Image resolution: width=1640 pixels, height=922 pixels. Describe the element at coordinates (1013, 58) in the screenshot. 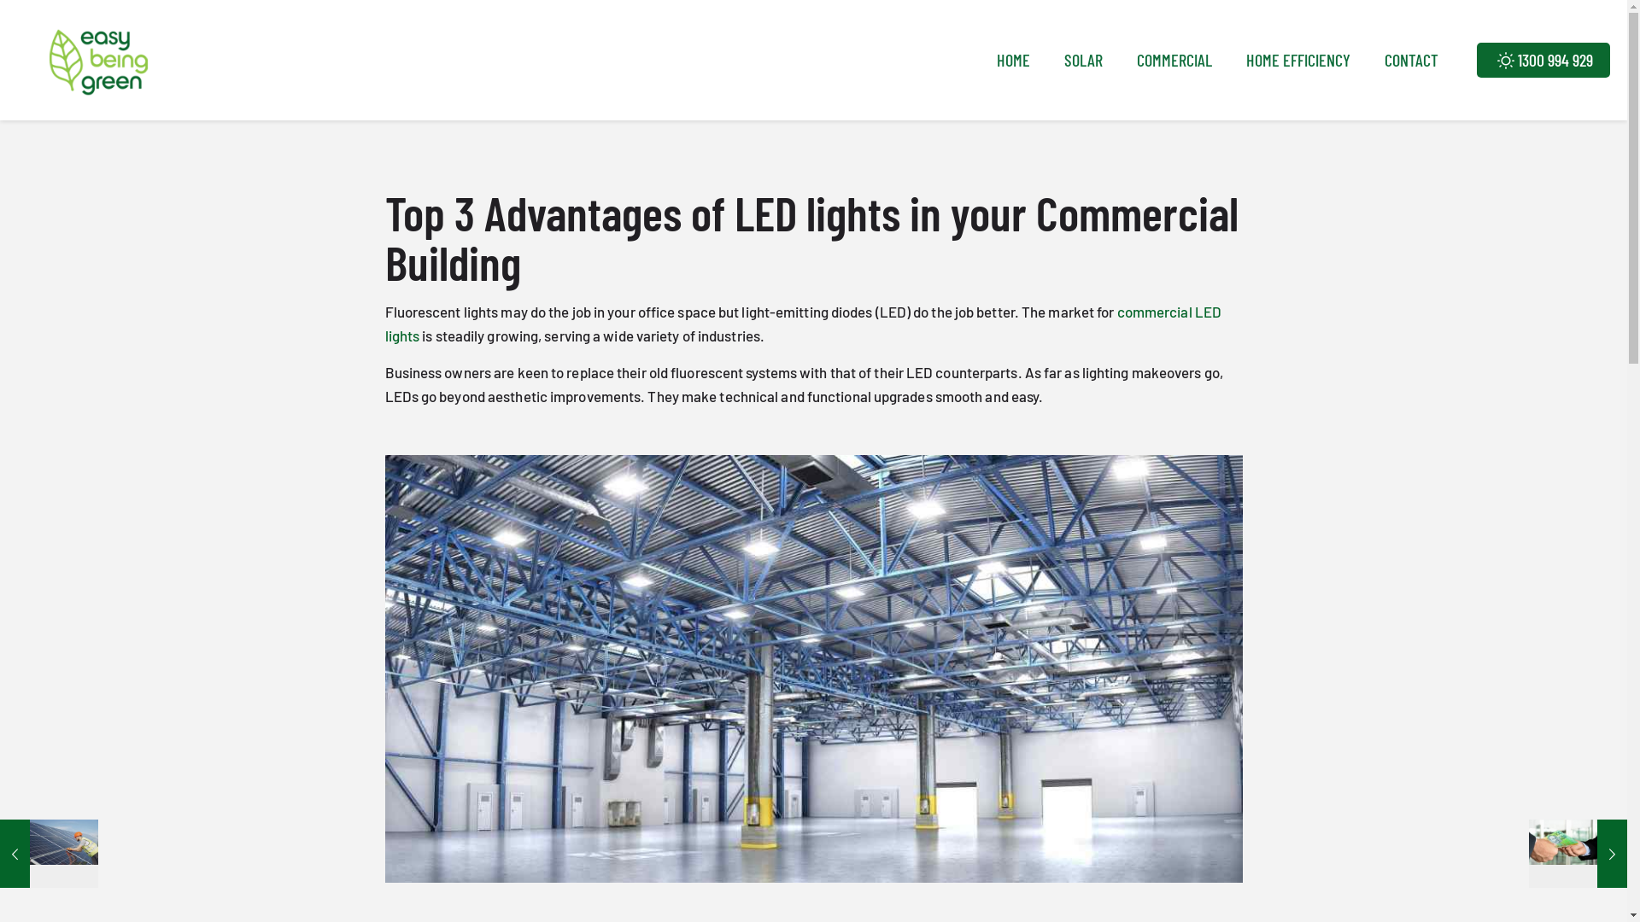

I see `'HOME'` at that location.